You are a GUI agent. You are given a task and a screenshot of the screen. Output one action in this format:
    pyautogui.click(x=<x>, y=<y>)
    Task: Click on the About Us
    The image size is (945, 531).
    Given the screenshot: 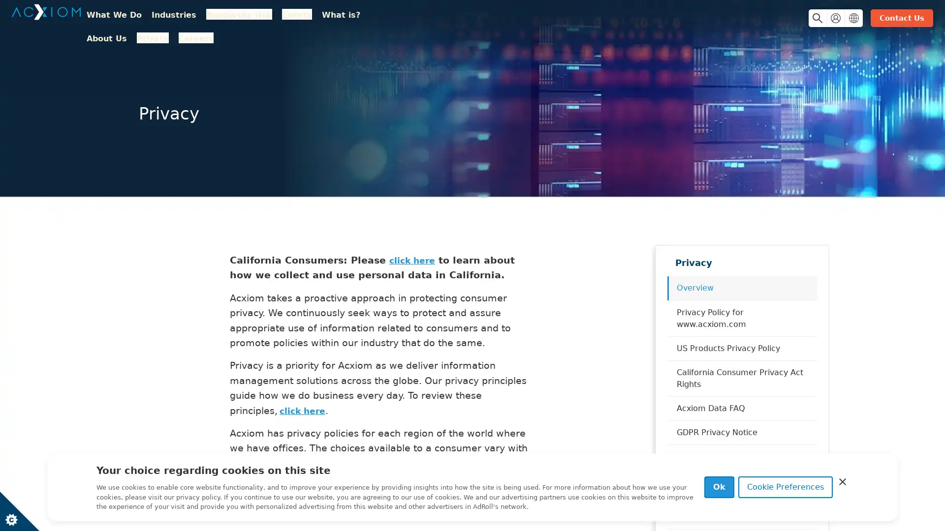 What is the action you would take?
    pyautogui.click(x=404, y=20)
    